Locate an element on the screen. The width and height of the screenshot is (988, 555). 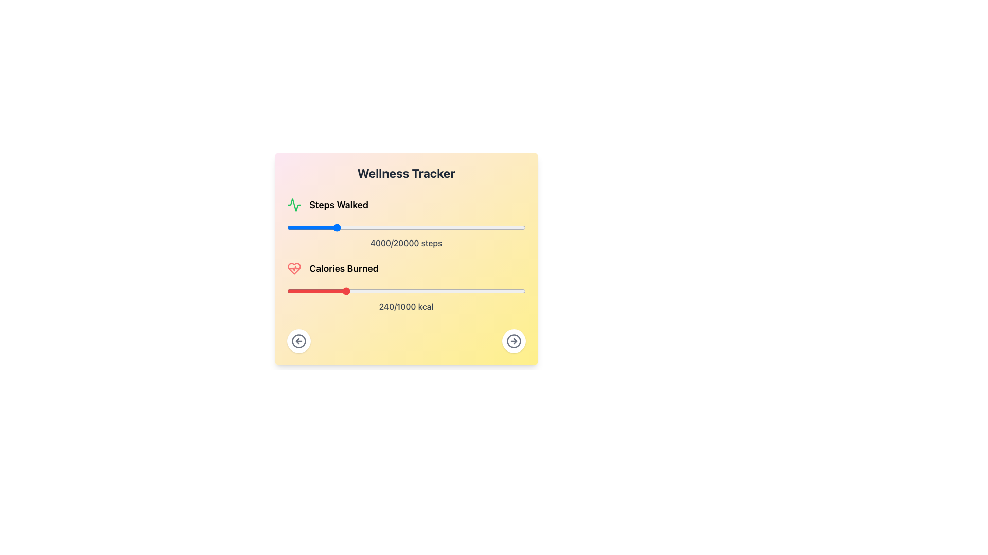
the circular button with a white background and a right-pointing arrow icon located at the bottom-right corner of the Wellness Tracker interface is located at coordinates (514, 341).